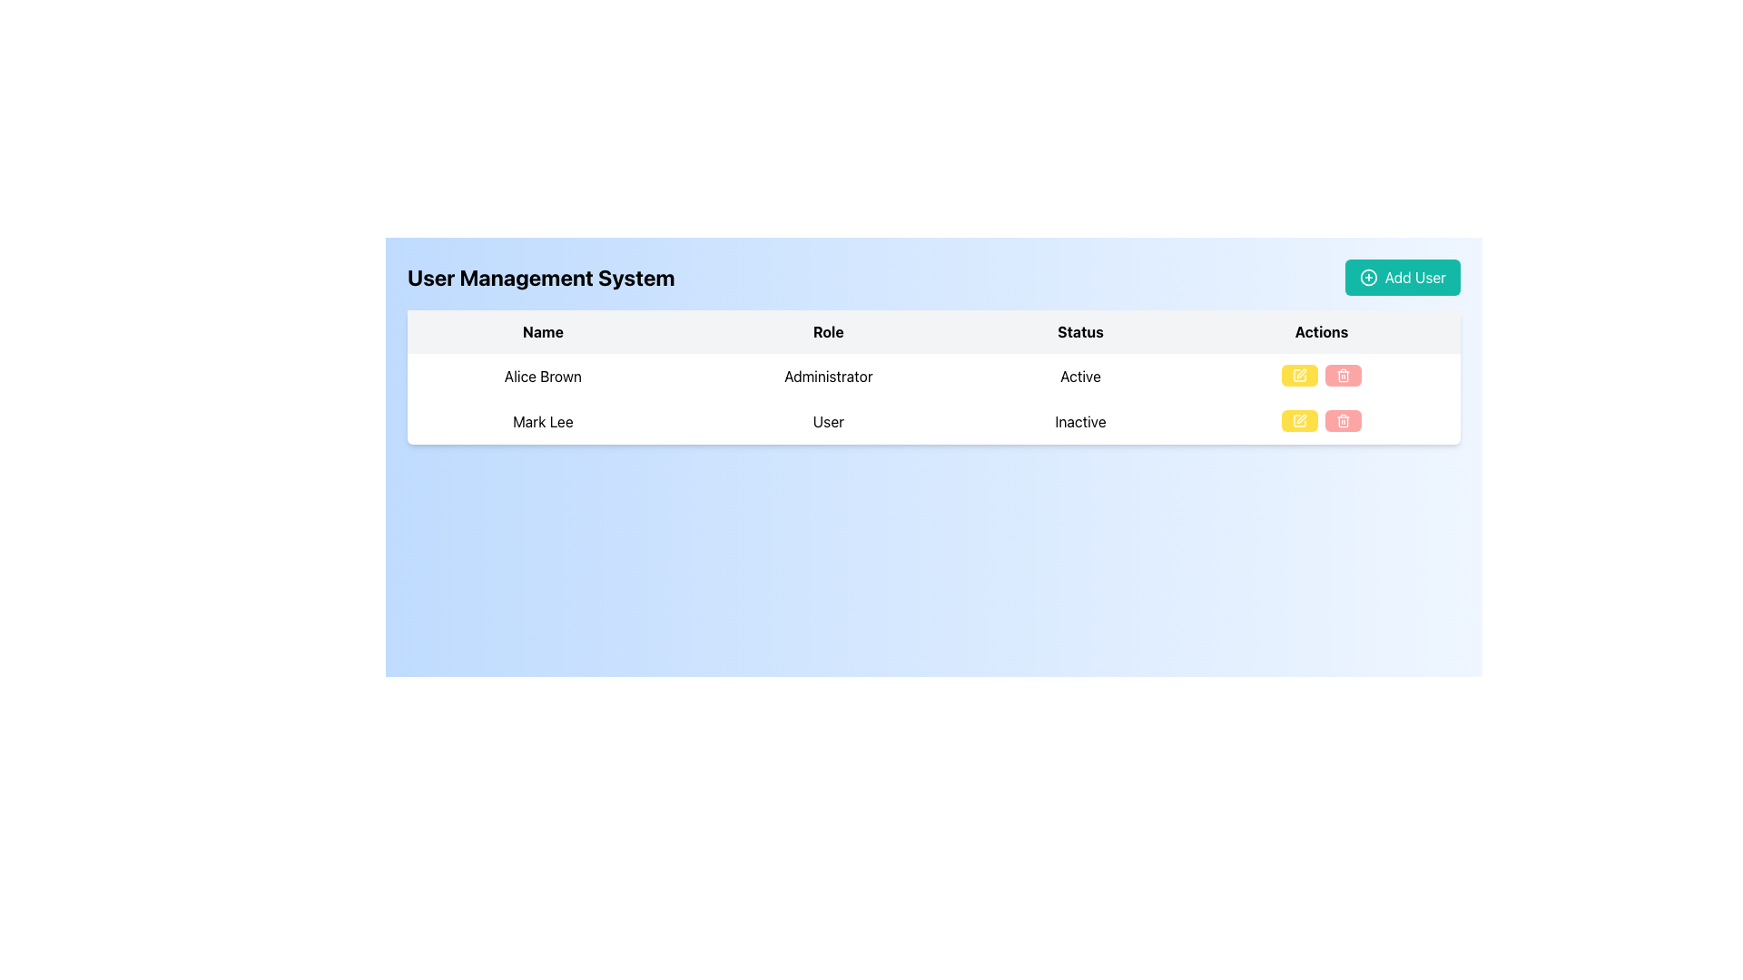 This screenshot has height=980, width=1743. What do you see at coordinates (542, 332) in the screenshot?
I see `the text label displaying 'Name' in the header row of the table, which is bold and center aligned` at bounding box center [542, 332].